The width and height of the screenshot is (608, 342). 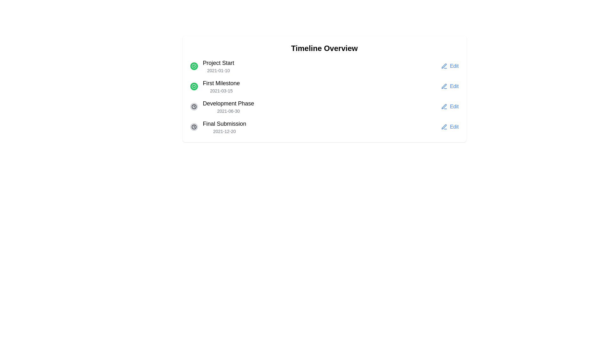 I want to click on text label for the second milestone in the timeline, which serves as the title for the milestone entry, so click(x=221, y=83).